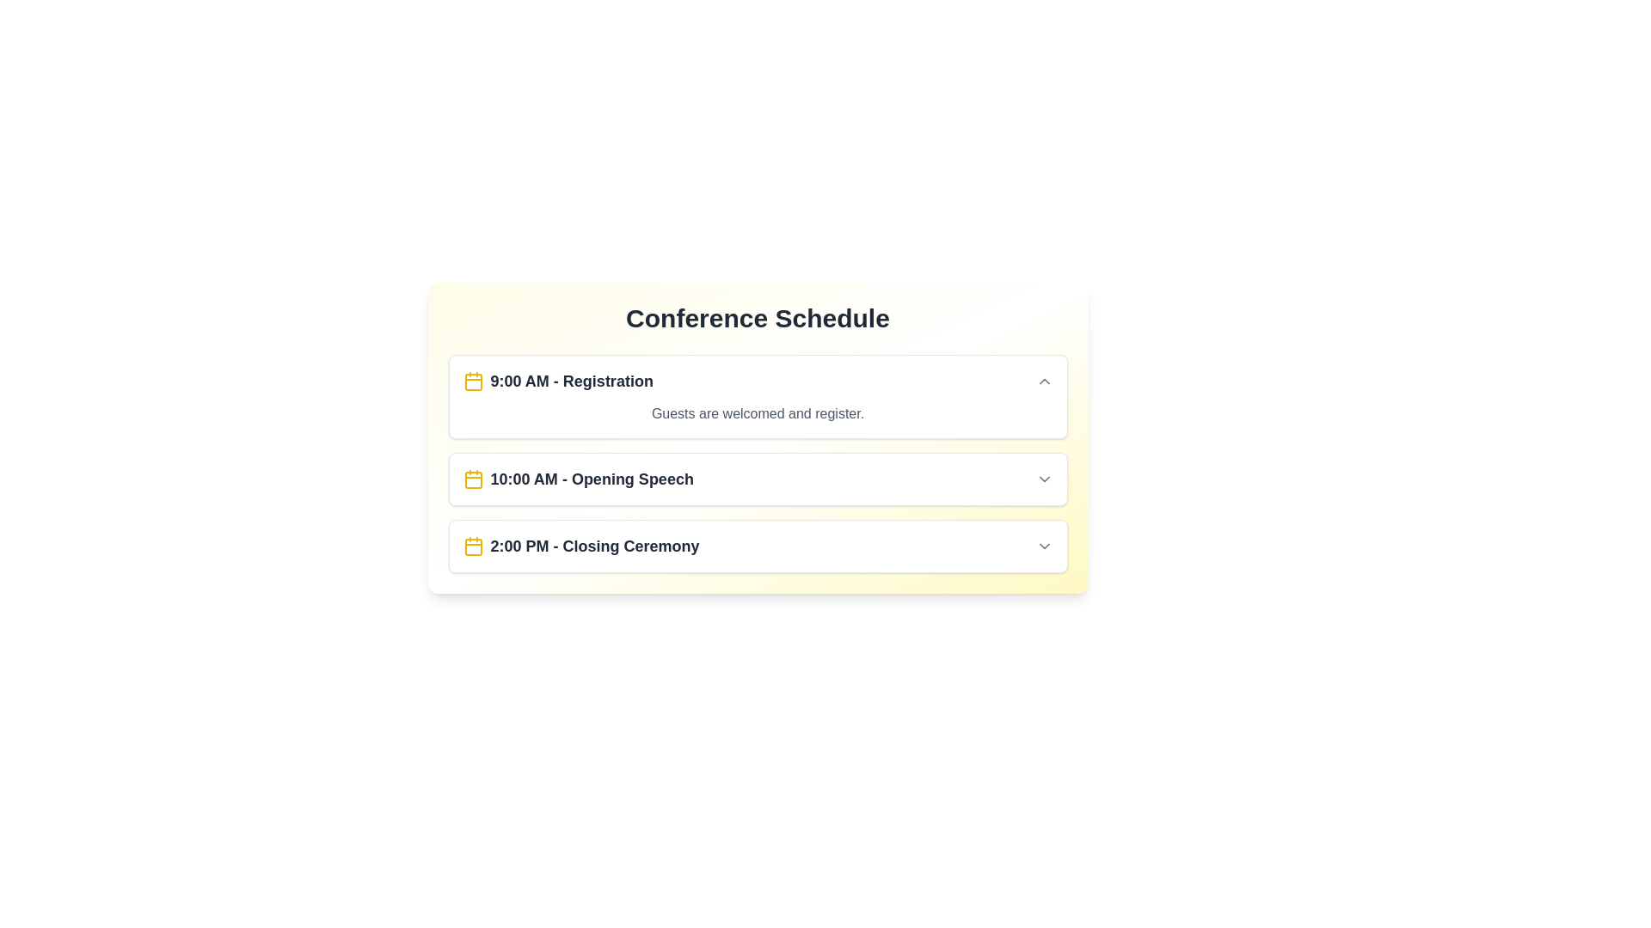  What do you see at coordinates (473, 380) in the screenshot?
I see `the yellow calendar icon located to the left of the '9:00 AM - Registration' text in the first row of the conference schedule to observe the tooltip or additional details` at bounding box center [473, 380].